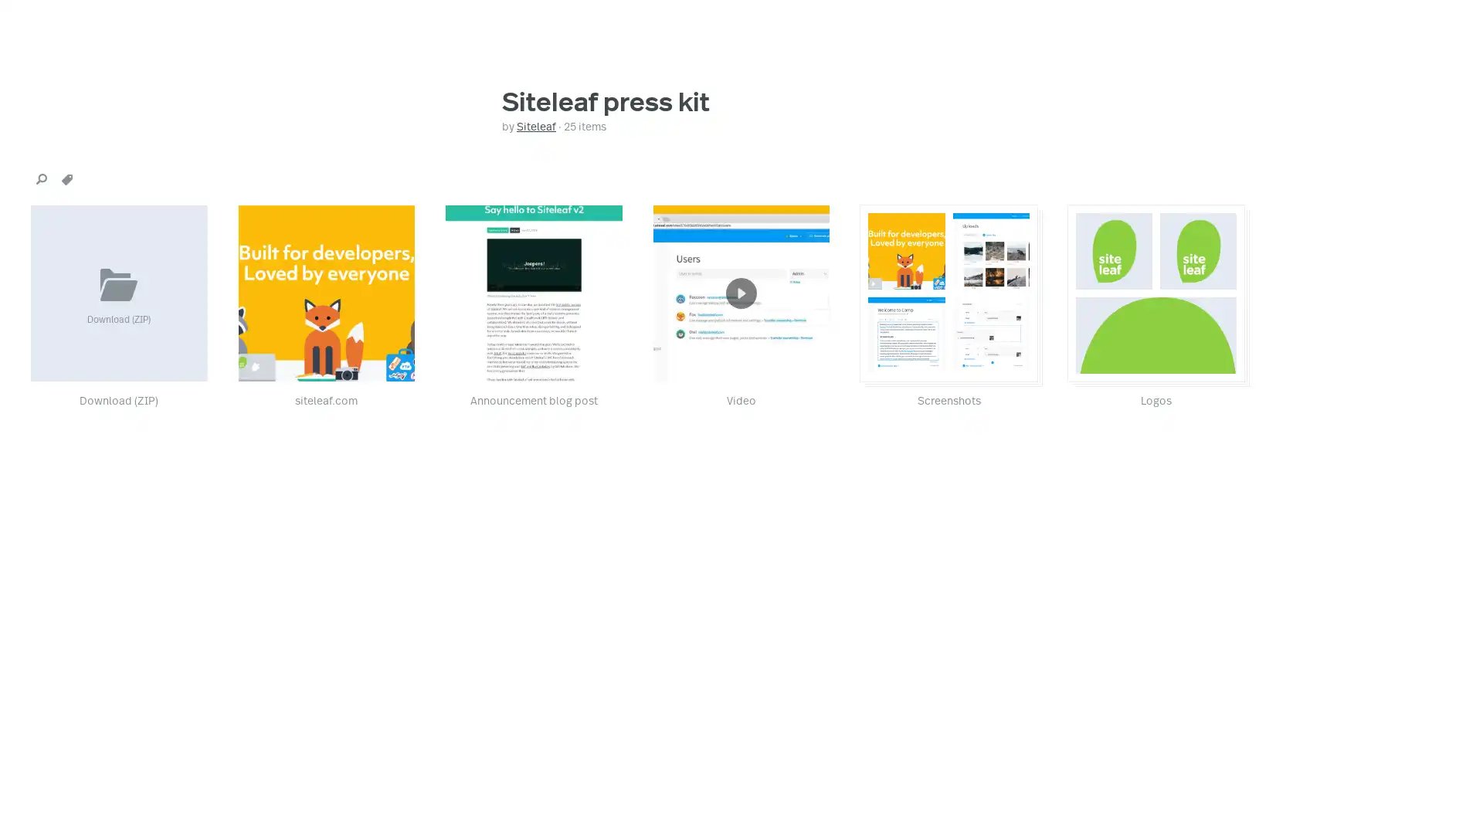  Describe the element at coordinates (66, 178) in the screenshot. I see `tags` at that location.